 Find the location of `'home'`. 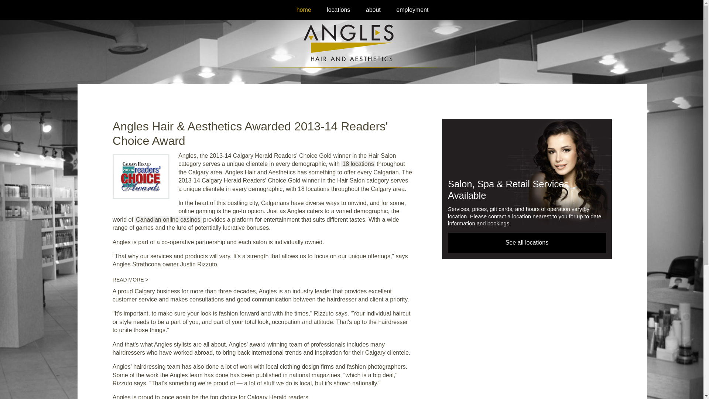

'home' is located at coordinates (304, 10).